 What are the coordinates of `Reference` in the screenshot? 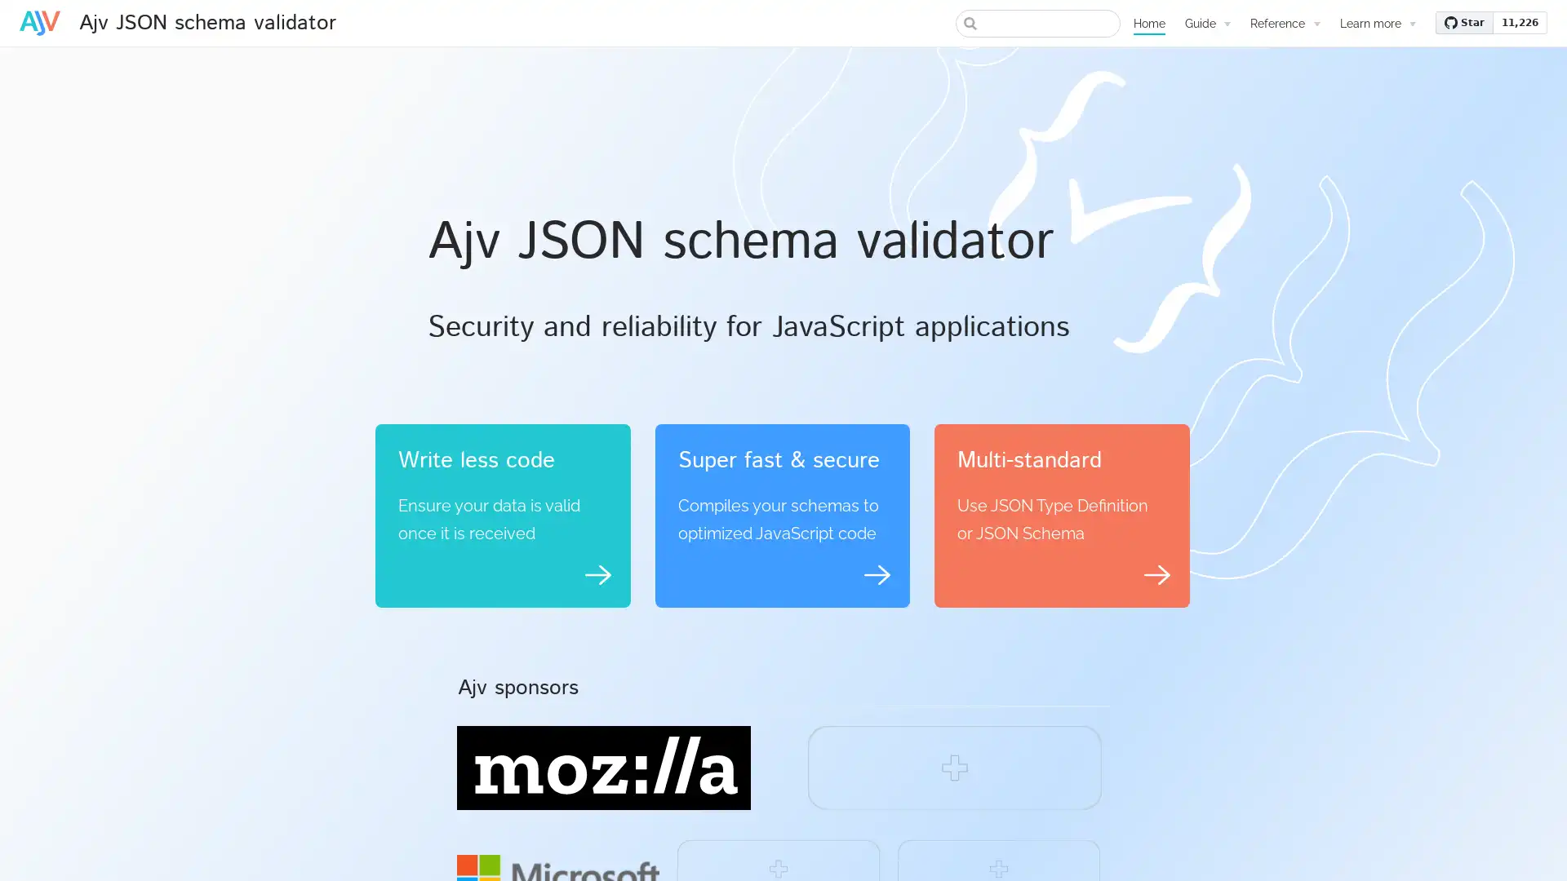 It's located at (1284, 24).